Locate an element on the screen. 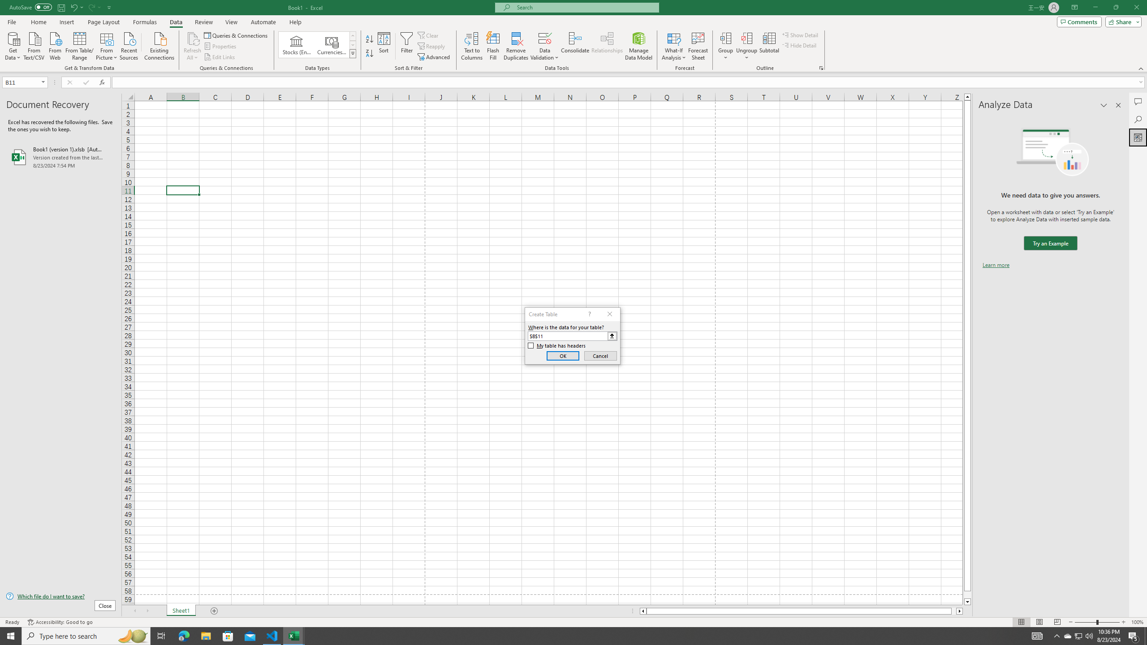 The image size is (1147, 645). 'Group...' is located at coordinates (725, 46).